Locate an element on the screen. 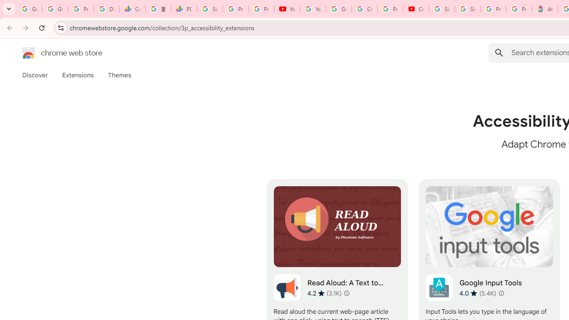  'Extensions' is located at coordinates (77, 75).